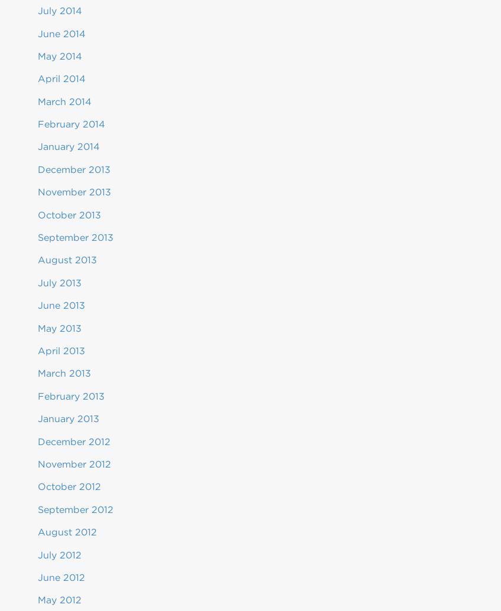 The height and width of the screenshot is (611, 501). I want to click on 'November 2012', so click(74, 463).